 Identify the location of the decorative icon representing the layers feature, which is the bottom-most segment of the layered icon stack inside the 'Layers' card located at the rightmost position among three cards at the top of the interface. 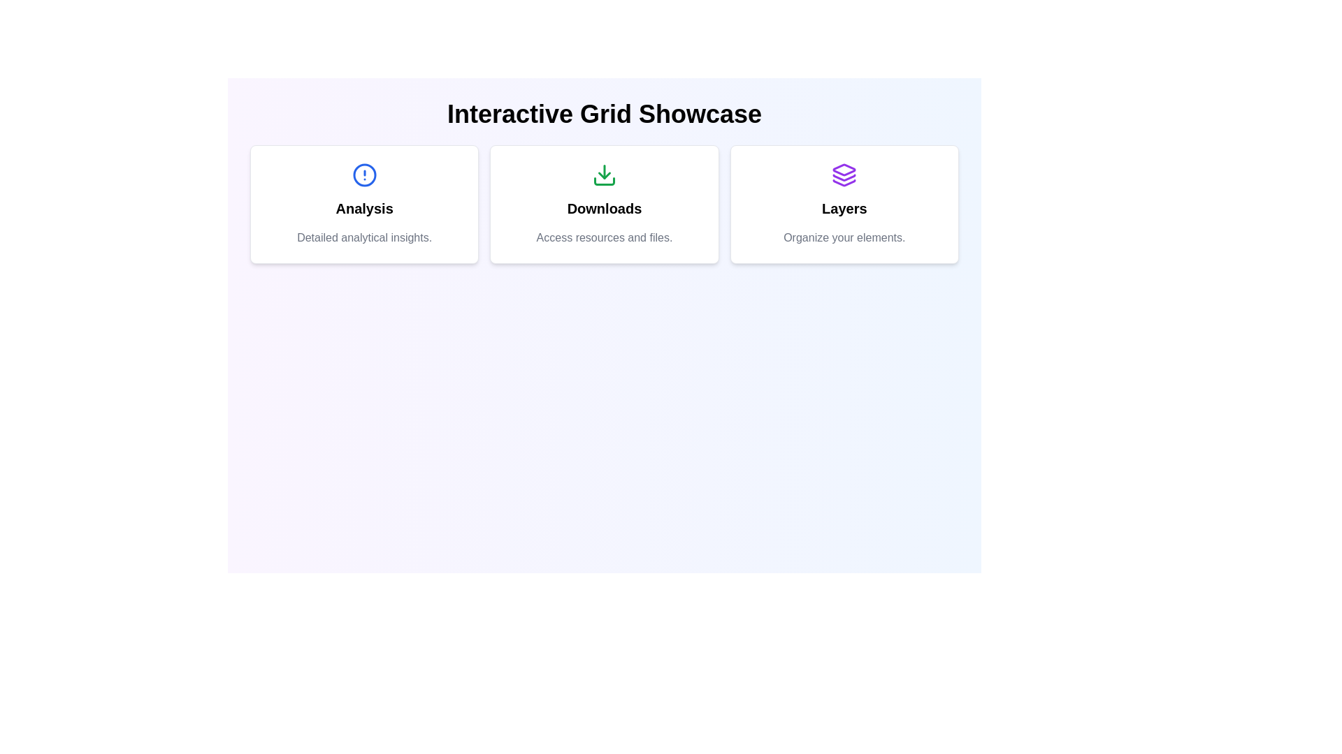
(844, 182).